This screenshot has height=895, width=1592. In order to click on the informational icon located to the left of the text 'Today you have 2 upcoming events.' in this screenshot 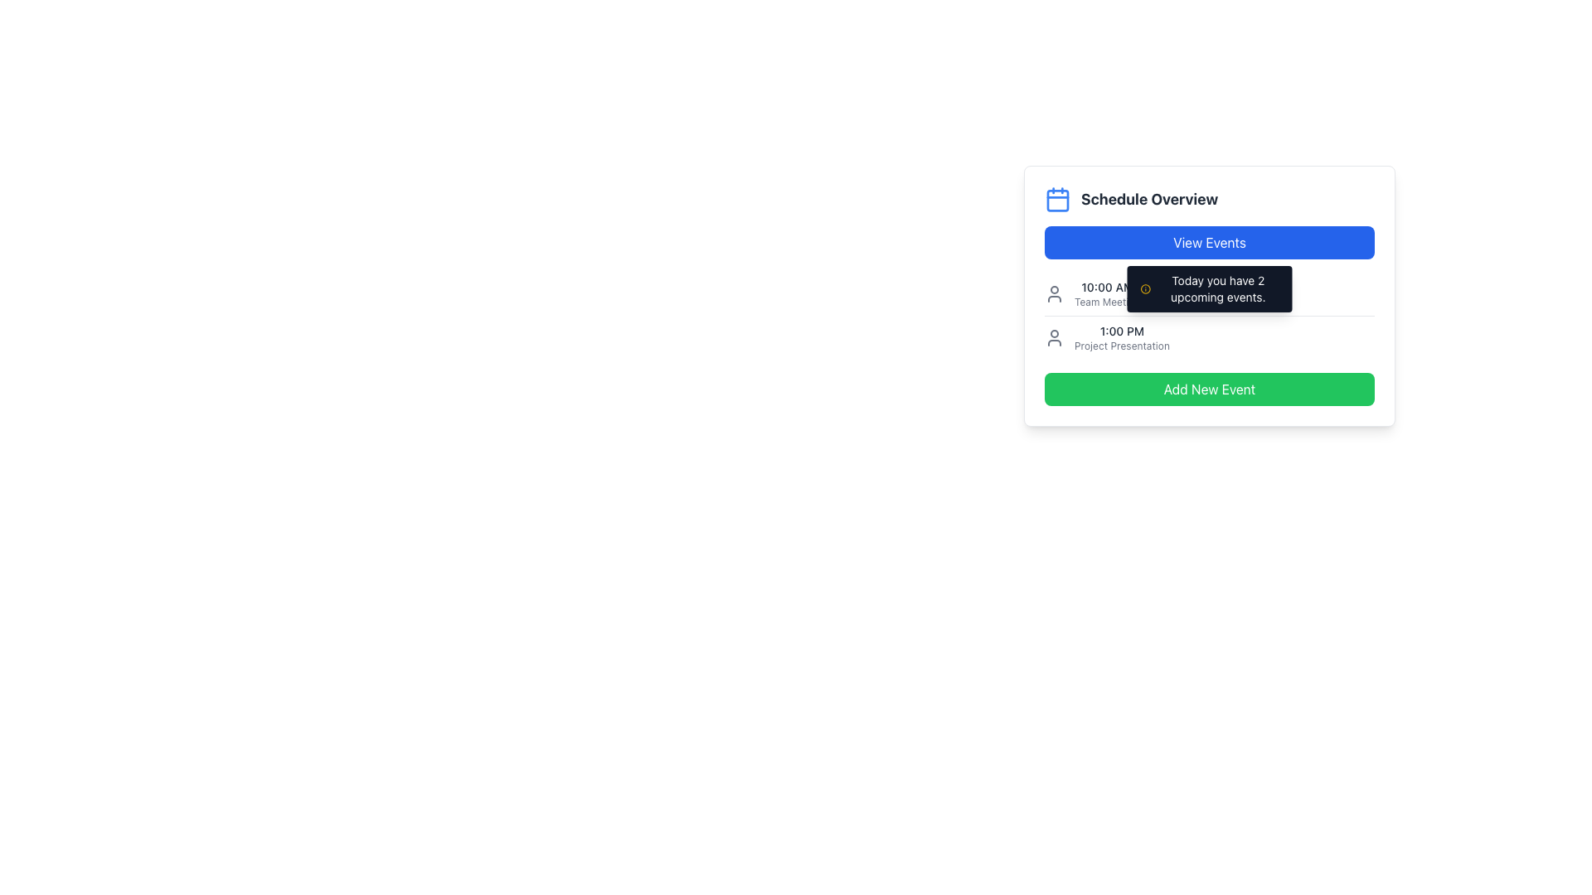, I will do `click(1144, 288)`.